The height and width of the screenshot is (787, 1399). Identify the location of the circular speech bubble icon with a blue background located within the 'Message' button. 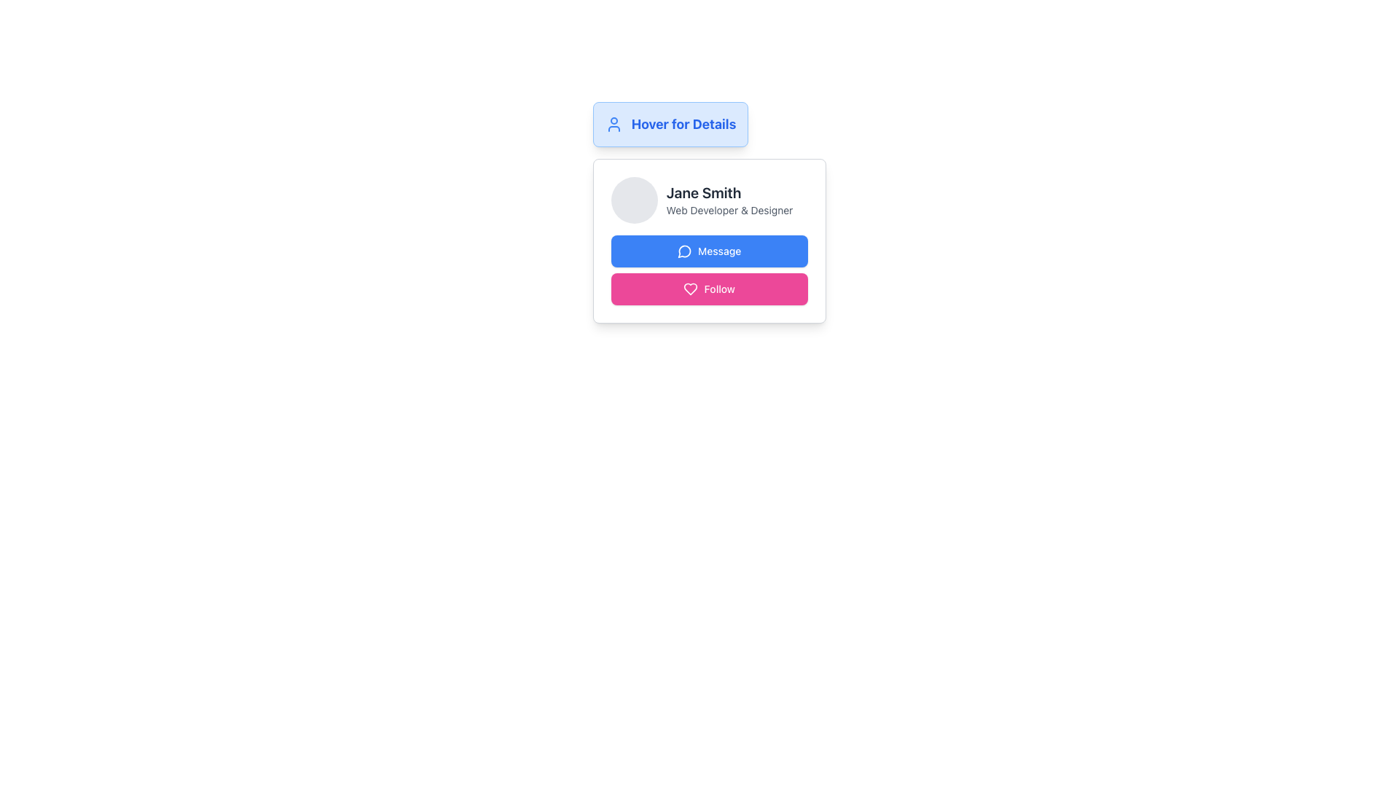
(684, 250).